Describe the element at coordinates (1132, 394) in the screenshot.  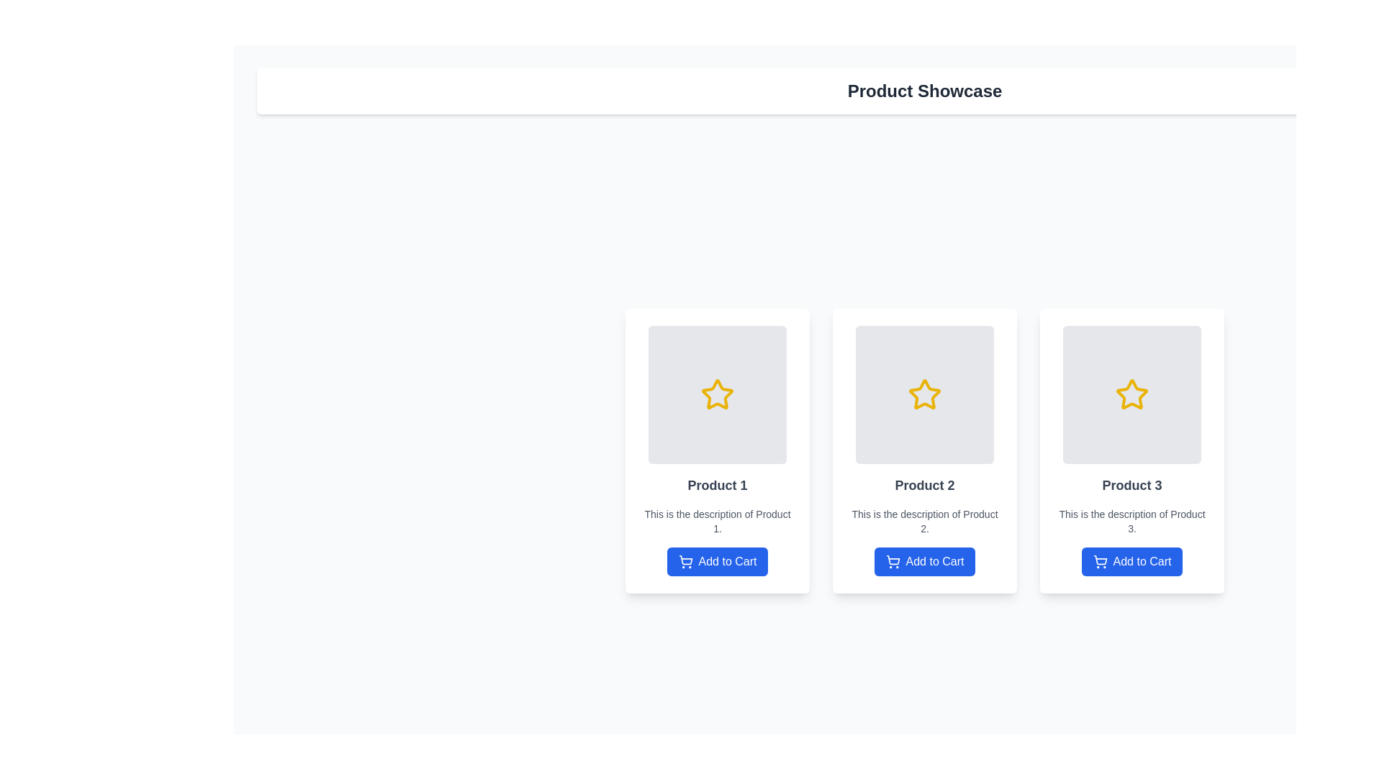
I see `the yellow star icon with a hollow center located in the third product card from the left, above the product title 'Product 3'` at that location.